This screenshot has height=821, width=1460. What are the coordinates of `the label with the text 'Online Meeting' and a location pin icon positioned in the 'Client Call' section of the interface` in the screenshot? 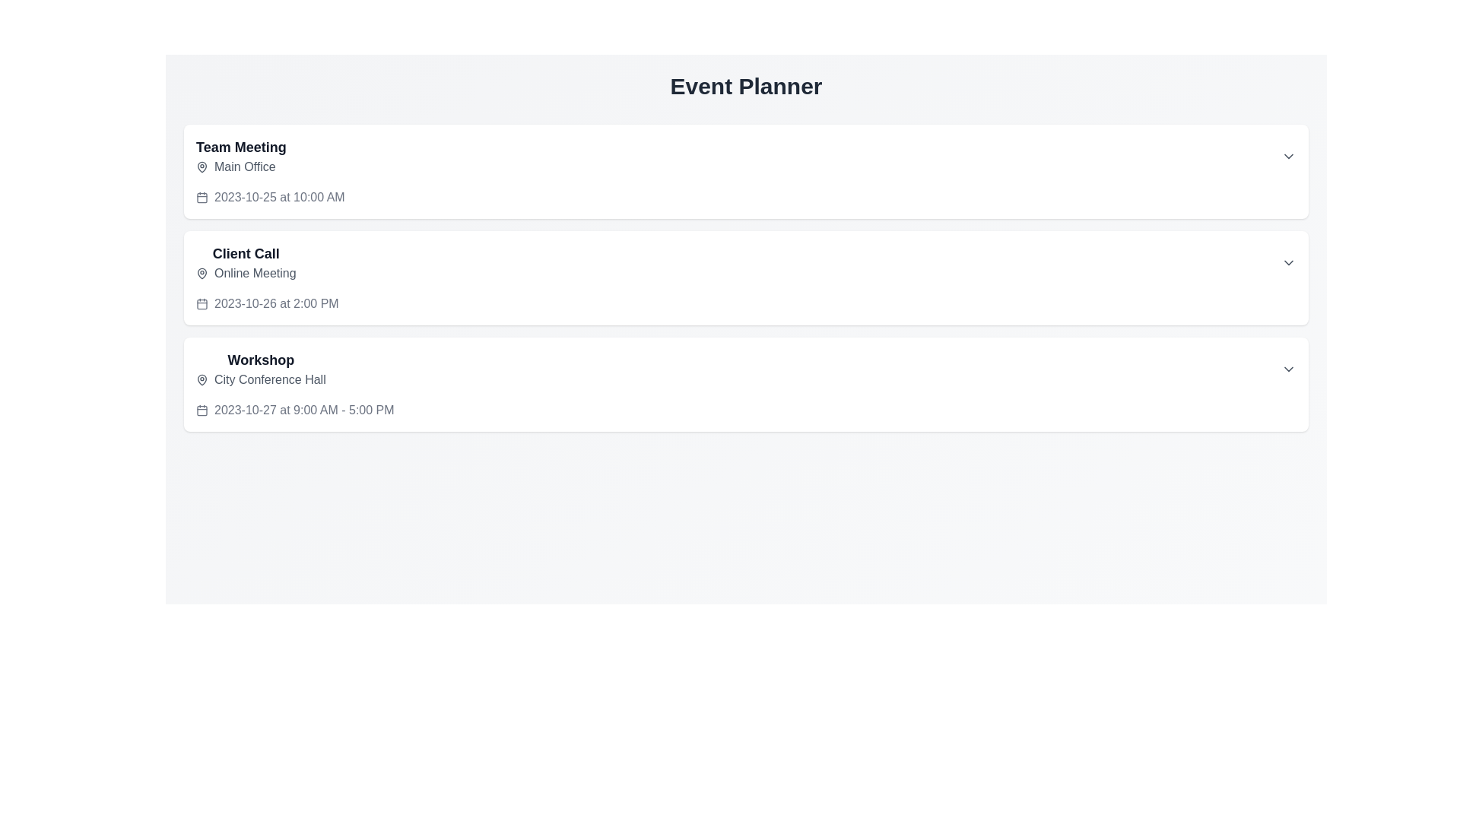 It's located at (246, 272).